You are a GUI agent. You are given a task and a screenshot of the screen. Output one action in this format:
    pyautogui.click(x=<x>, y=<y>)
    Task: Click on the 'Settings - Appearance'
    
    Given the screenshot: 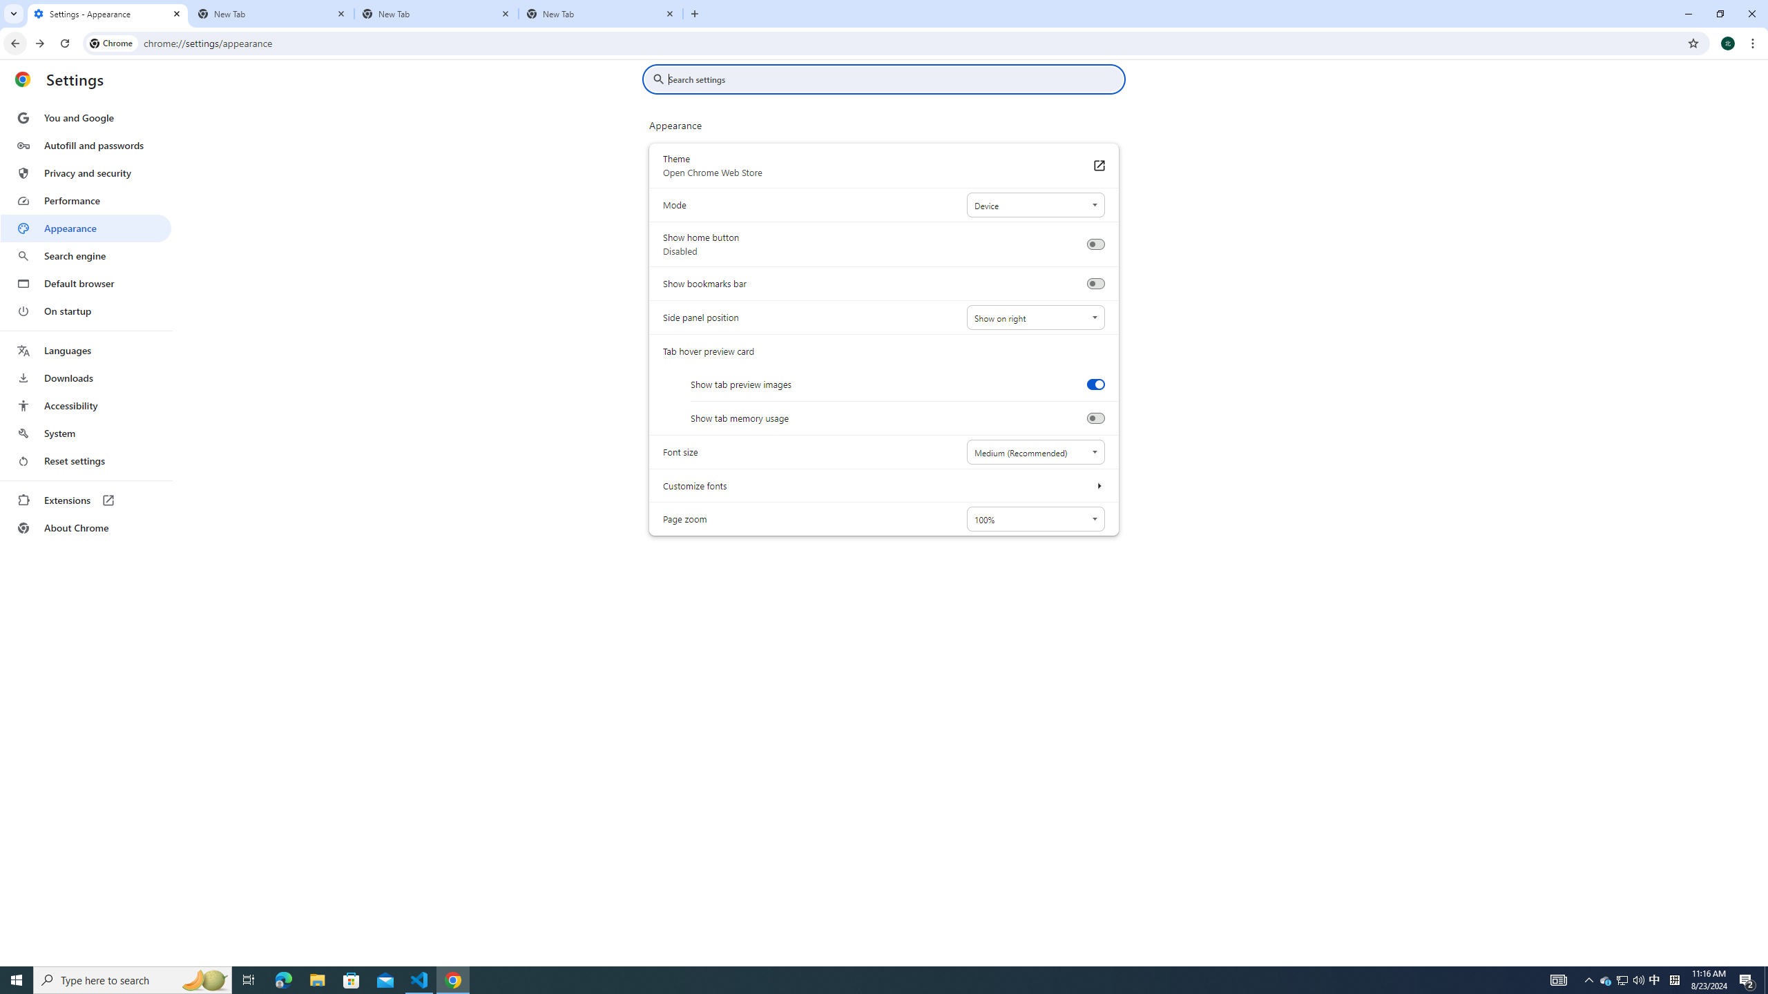 What is the action you would take?
    pyautogui.click(x=107, y=13)
    